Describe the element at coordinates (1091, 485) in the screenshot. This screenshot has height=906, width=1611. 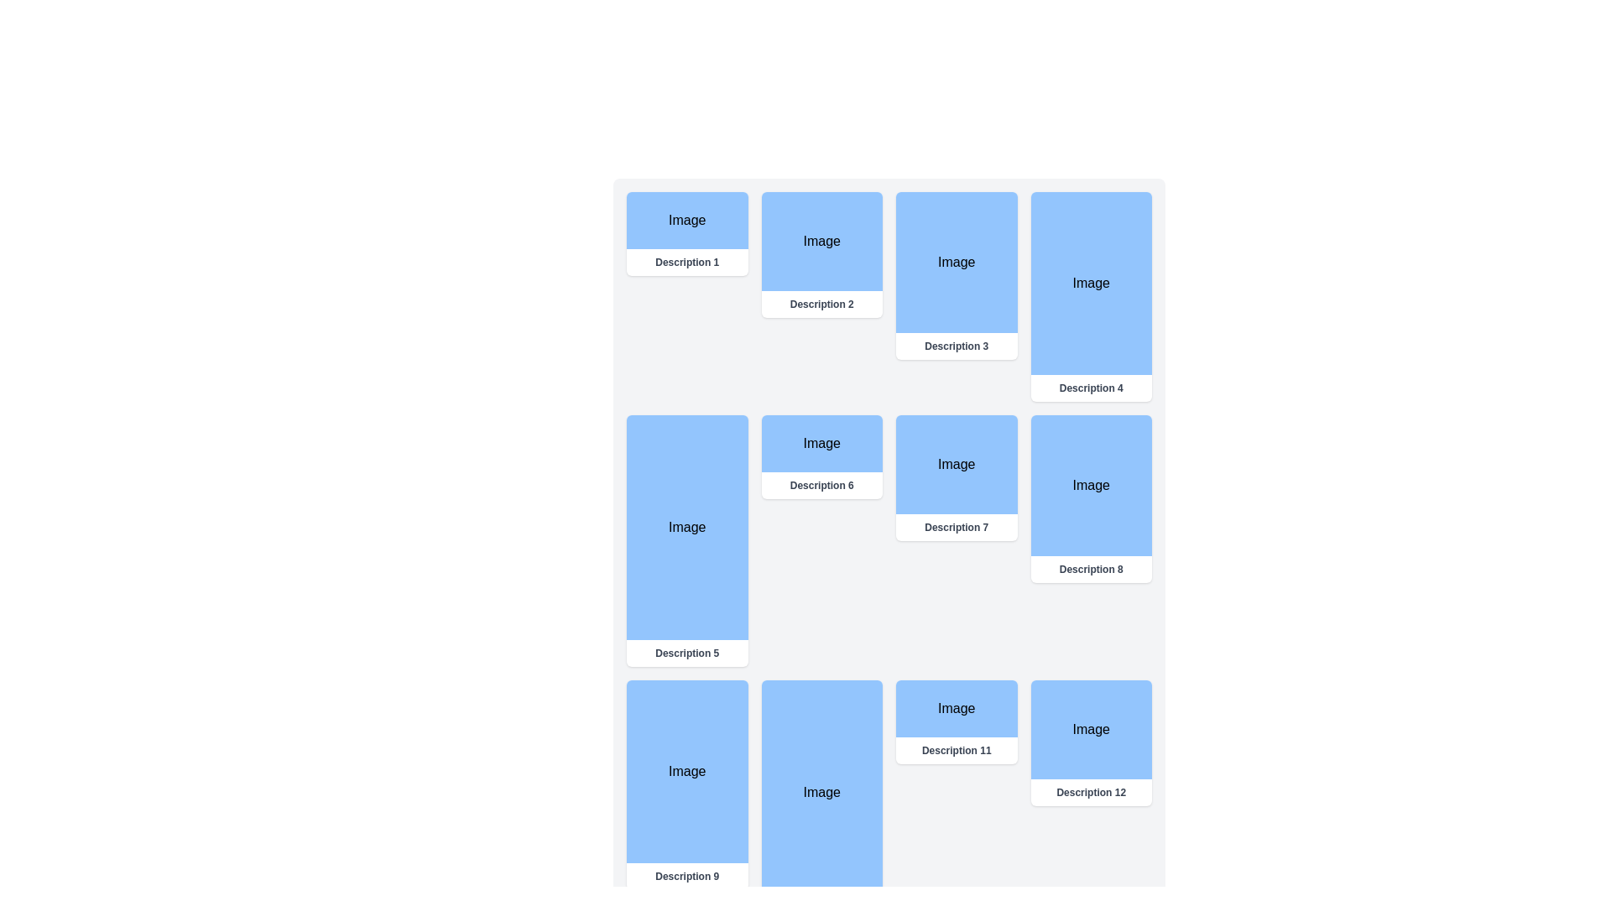
I see `the blue rectangular Visual Placeholder element with the text 'Image' centered on it, which is part of a card-like structure in the upper section` at that location.